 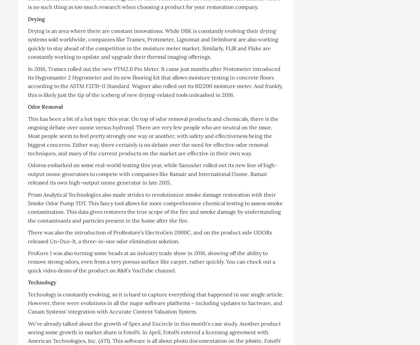 I want to click on 'Drying is an area where there are constant innovations. While DBK is constantly evolving their drying systems sold worldwide, companies like Tramex, Protimeter, Lignomat and Delmhorst are also working quickly to stay ahead of the competition in the moisture meter market. Similarly, FLIR and Fluke are constantly working to update and upgrade their thermal imaging offerings.', so click(x=153, y=43).